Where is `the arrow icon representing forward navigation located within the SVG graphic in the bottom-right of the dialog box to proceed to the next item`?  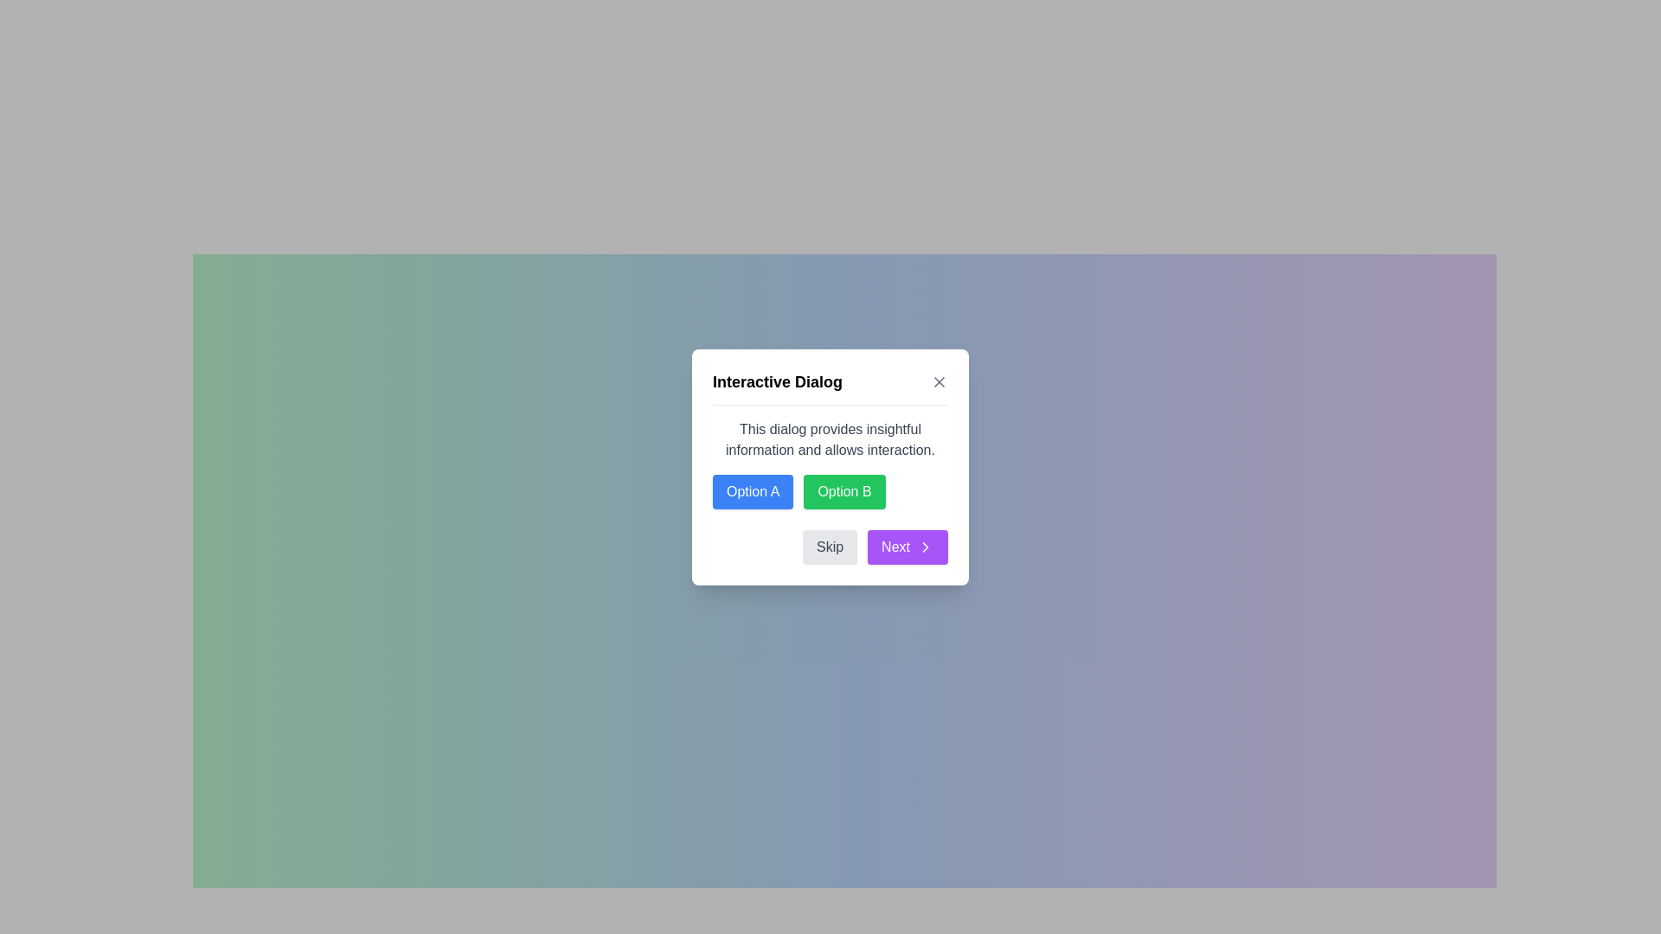 the arrow icon representing forward navigation located within the SVG graphic in the bottom-right of the dialog box to proceed to the next item is located at coordinates (925, 547).